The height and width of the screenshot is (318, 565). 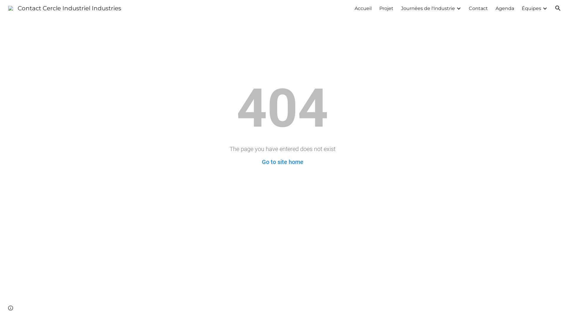 I want to click on 'Projet', so click(x=386, y=8).